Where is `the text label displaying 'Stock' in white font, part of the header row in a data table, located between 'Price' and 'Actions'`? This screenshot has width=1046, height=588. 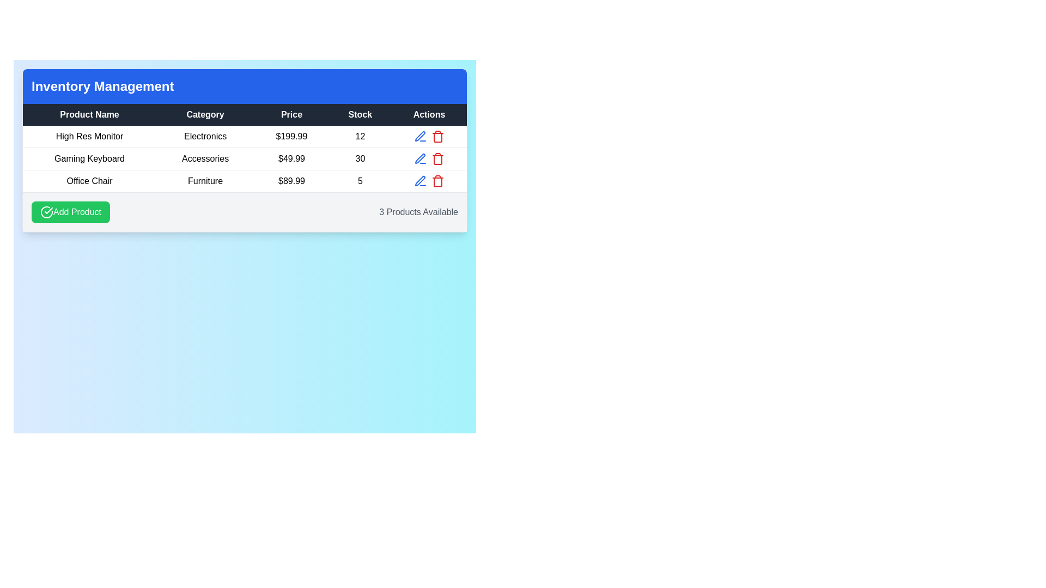
the text label displaying 'Stock' in white font, part of the header row in a data table, located between 'Price' and 'Actions' is located at coordinates (360, 115).